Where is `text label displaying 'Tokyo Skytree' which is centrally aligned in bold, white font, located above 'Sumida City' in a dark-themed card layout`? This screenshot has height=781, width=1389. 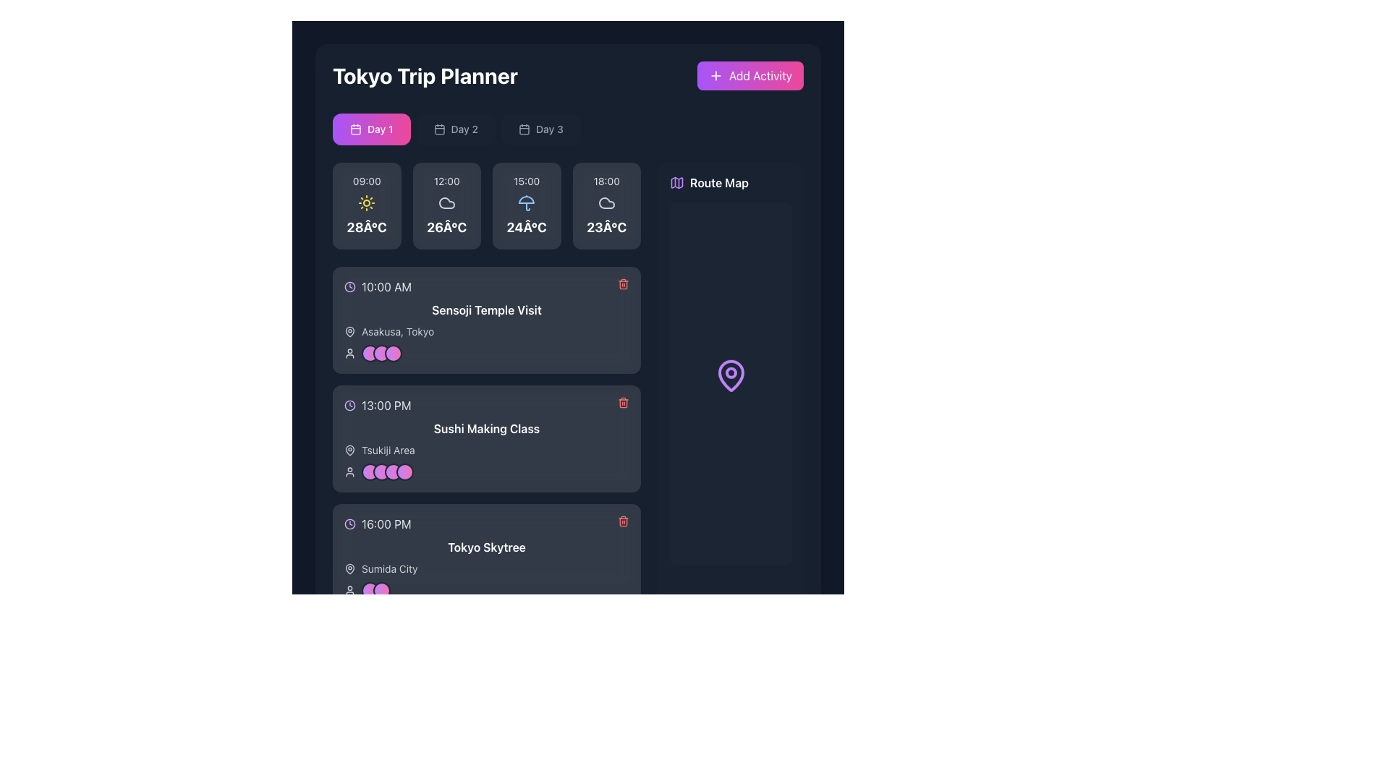
text label displaying 'Tokyo Skytree' which is centrally aligned in bold, white font, located above 'Sumida City' in a dark-themed card layout is located at coordinates (486, 547).